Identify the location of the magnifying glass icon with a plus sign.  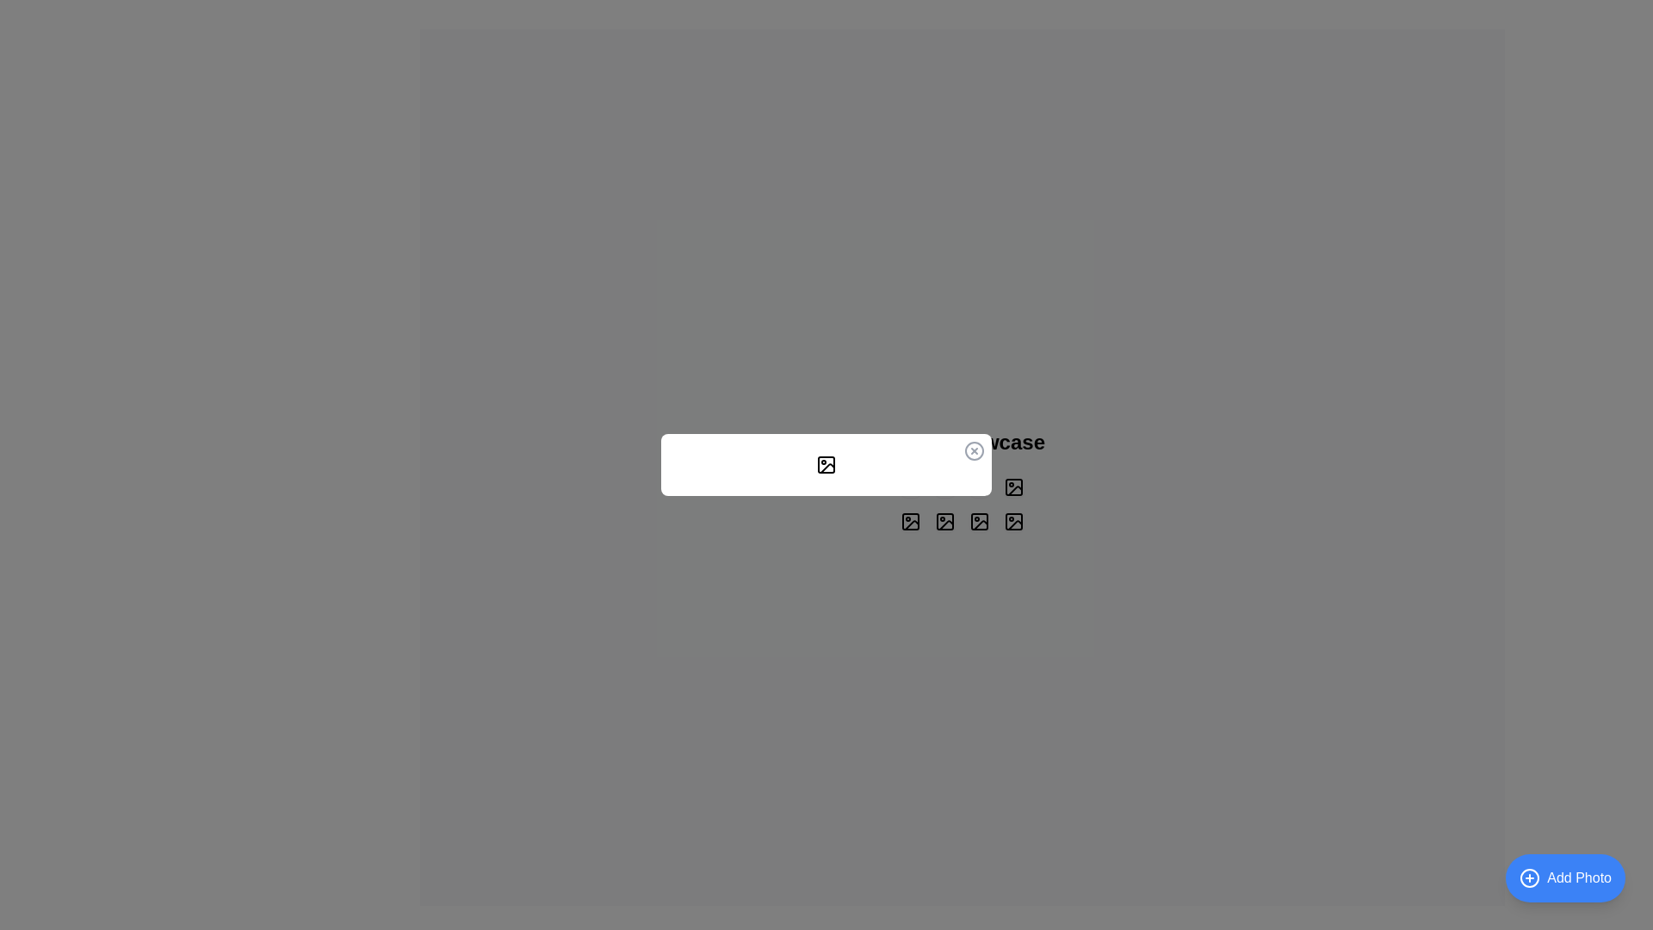
(979, 487).